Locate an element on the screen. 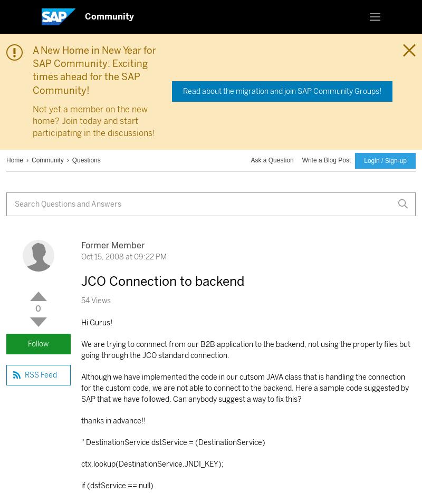 Image resolution: width=422 pixels, height=493 pixels. 'A New Home in New Year for SAP Community: Exciting times ahead for the SAP Community!' is located at coordinates (94, 70).